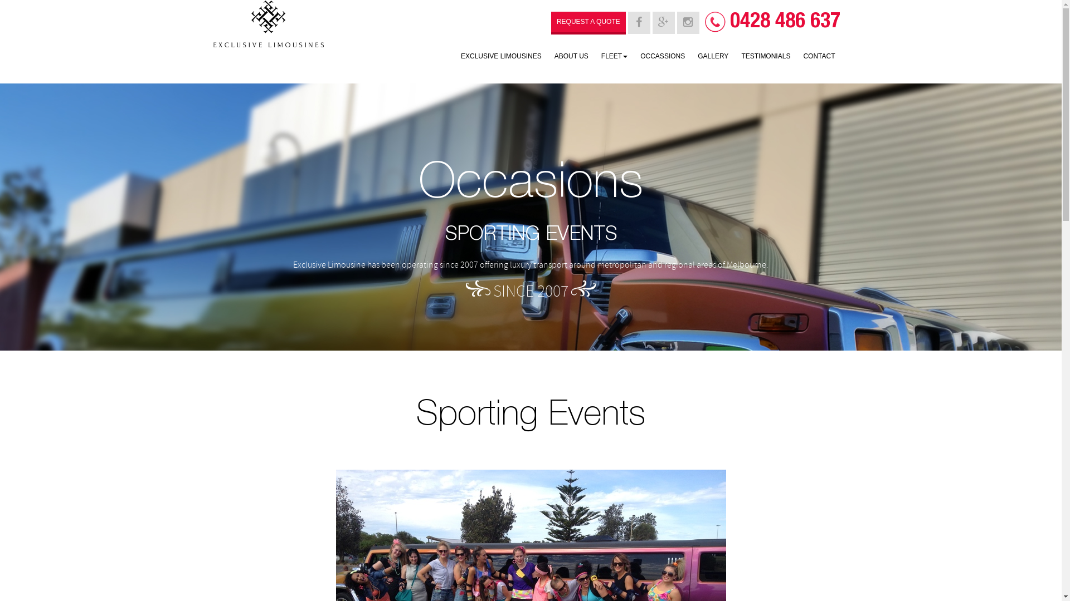  Describe the element at coordinates (797, 57) in the screenshot. I see `'CONTACT'` at that location.